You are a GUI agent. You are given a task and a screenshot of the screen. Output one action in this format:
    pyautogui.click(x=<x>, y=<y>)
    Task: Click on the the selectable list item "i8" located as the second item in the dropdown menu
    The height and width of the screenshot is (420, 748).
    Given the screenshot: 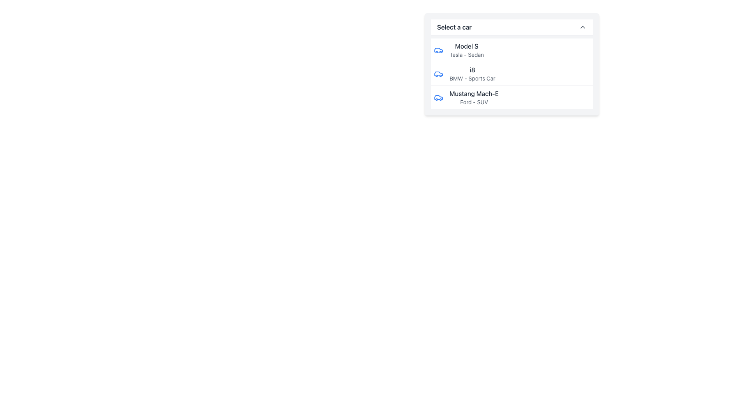 What is the action you would take?
    pyautogui.click(x=512, y=73)
    